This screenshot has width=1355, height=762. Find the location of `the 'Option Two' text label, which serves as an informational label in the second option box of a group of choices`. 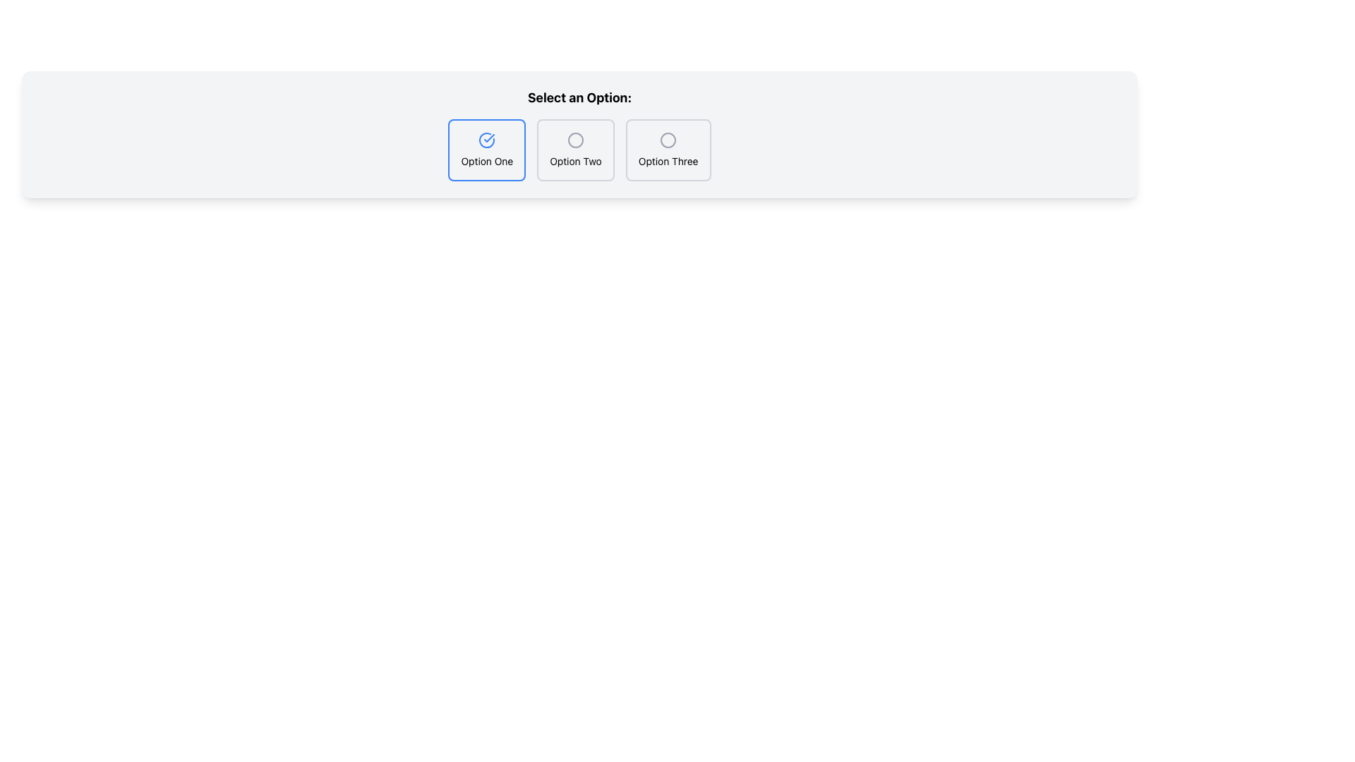

the 'Option Two' text label, which serves as an informational label in the second option box of a group of choices is located at coordinates (576, 160).